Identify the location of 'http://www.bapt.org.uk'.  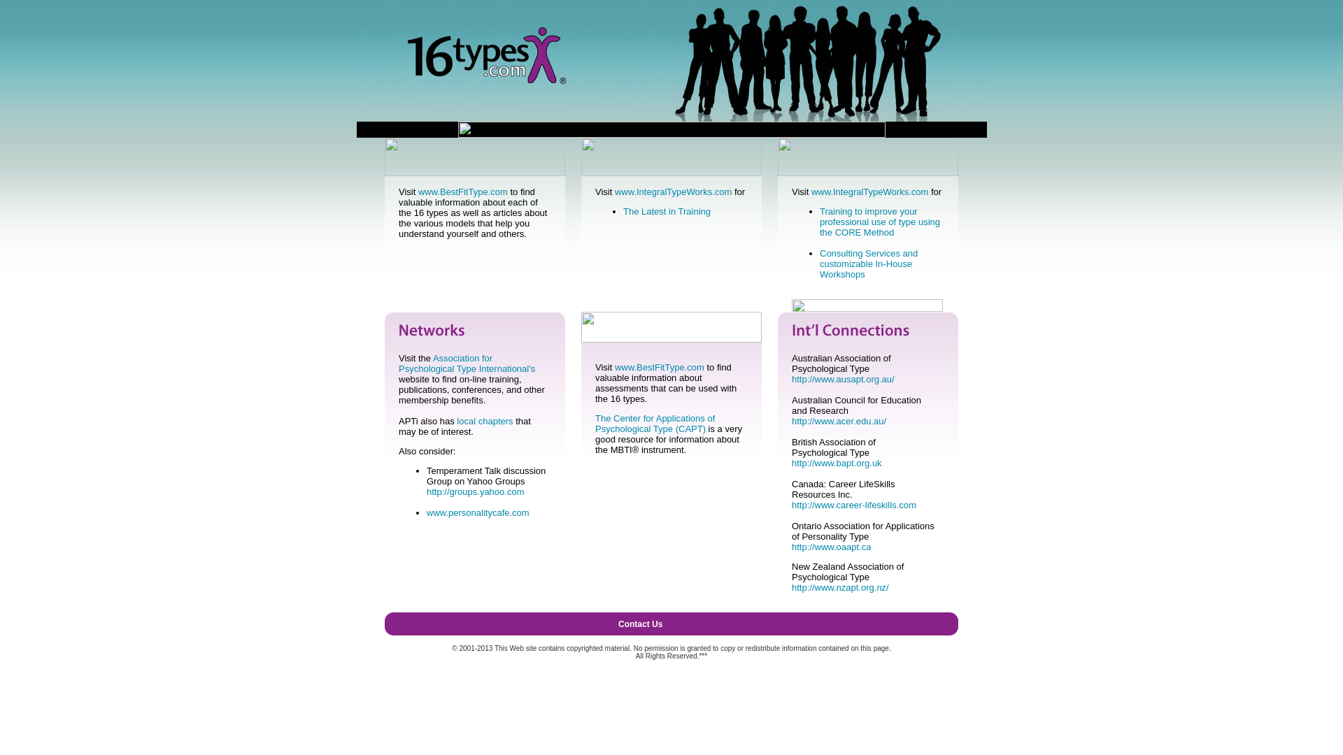
(837, 463).